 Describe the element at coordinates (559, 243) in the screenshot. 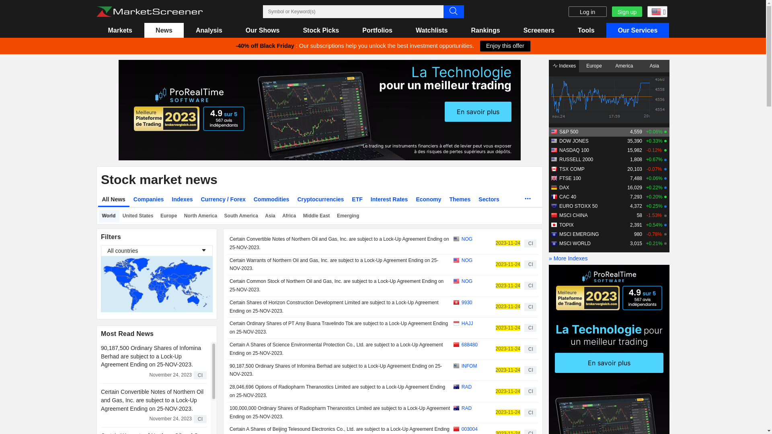

I see `'MSCI WORLD'` at that location.